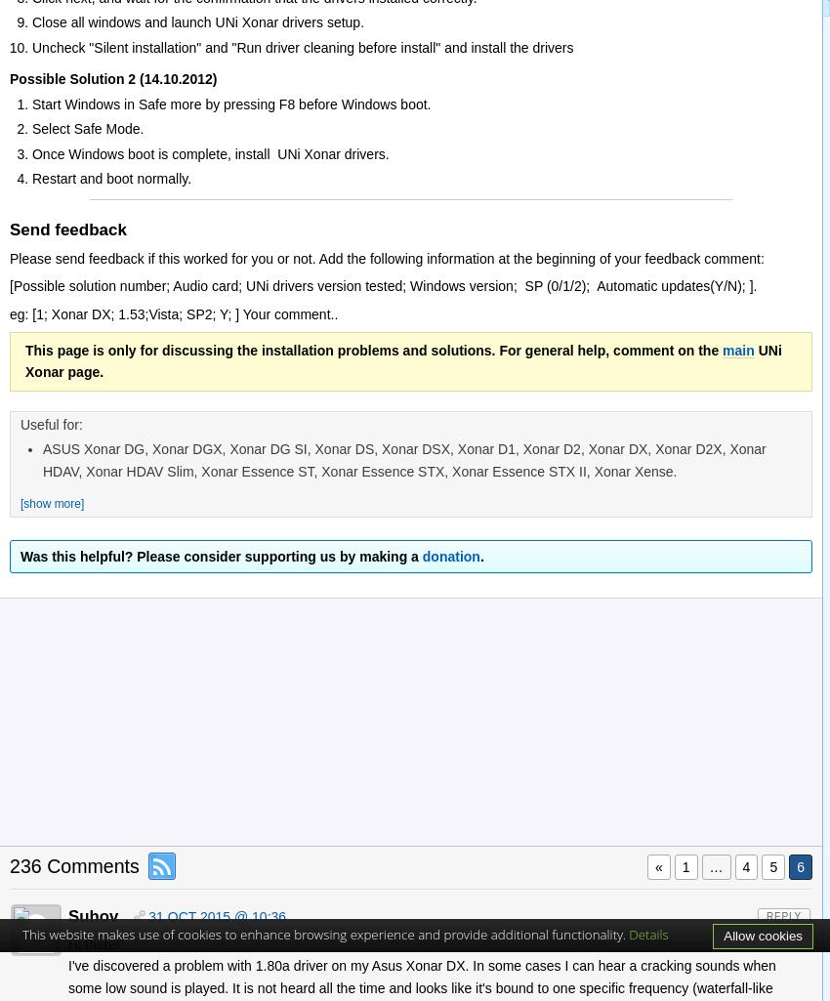 This screenshot has width=830, height=1001. I want to click on 'Restart and boot normally.', so click(109, 177).